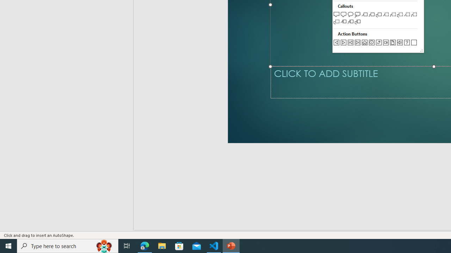  Describe the element at coordinates (144, 245) in the screenshot. I see `'Microsoft Edge - 1 running window'` at that location.